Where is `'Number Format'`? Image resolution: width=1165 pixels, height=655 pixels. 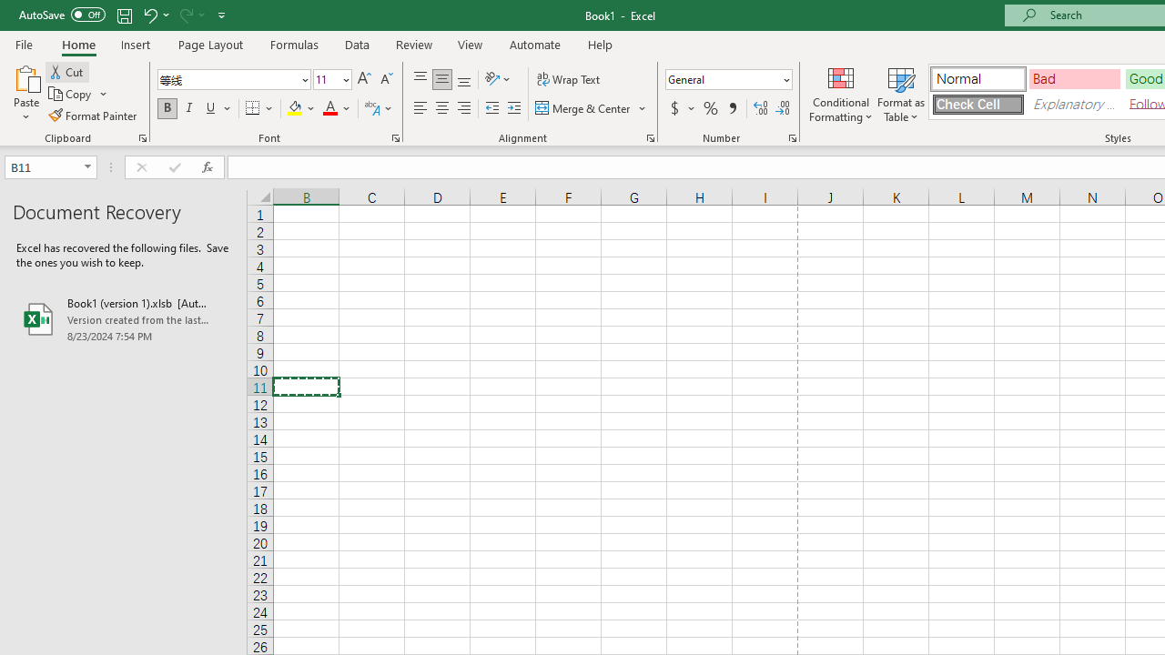
'Number Format' is located at coordinates (728, 78).